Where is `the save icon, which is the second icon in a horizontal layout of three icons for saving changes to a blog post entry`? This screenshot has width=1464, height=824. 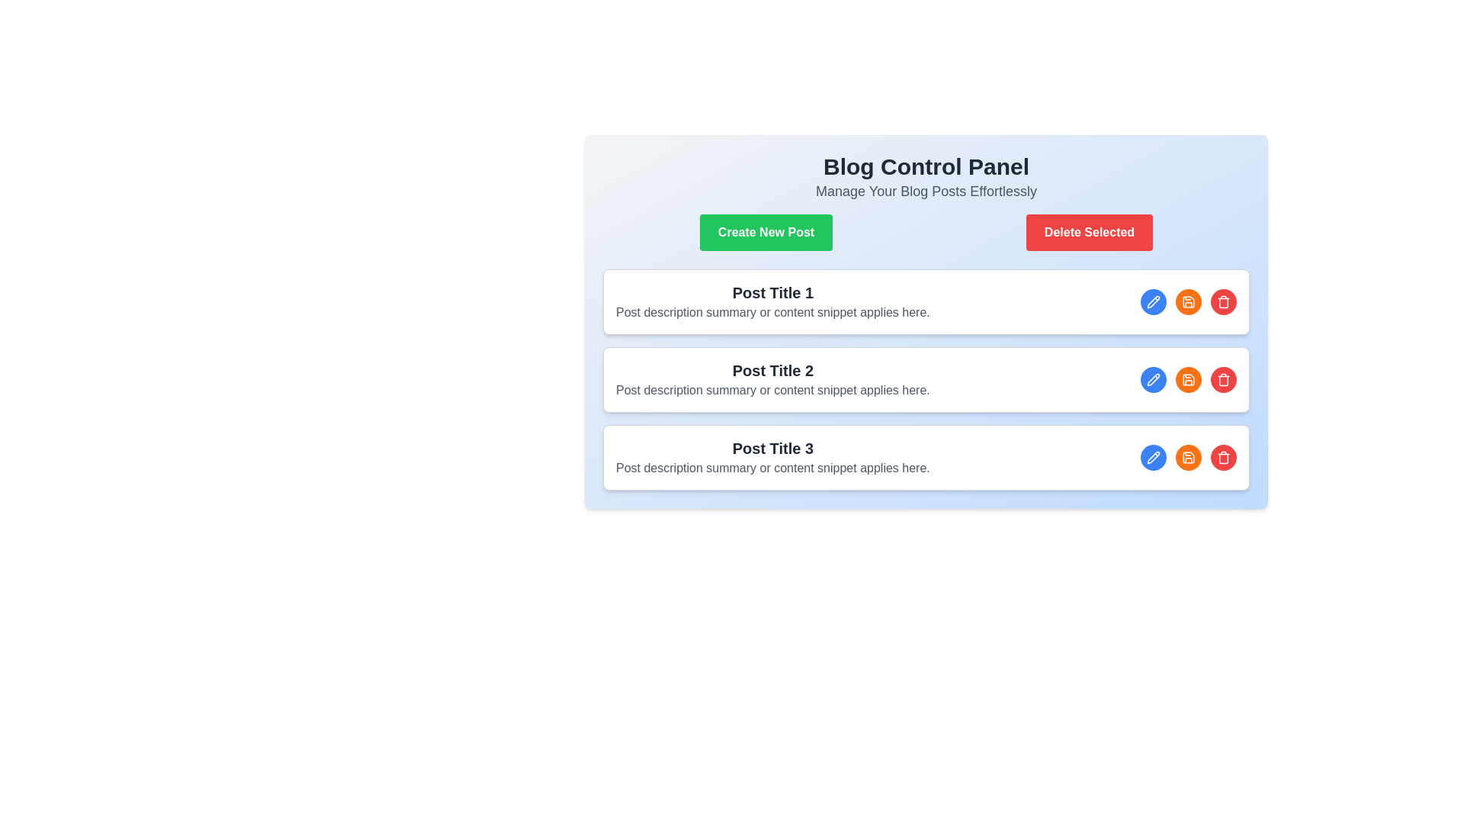 the save icon, which is the second icon in a horizontal layout of three icons for saving changes to a blog post entry is located at coordinates (1188, 378).